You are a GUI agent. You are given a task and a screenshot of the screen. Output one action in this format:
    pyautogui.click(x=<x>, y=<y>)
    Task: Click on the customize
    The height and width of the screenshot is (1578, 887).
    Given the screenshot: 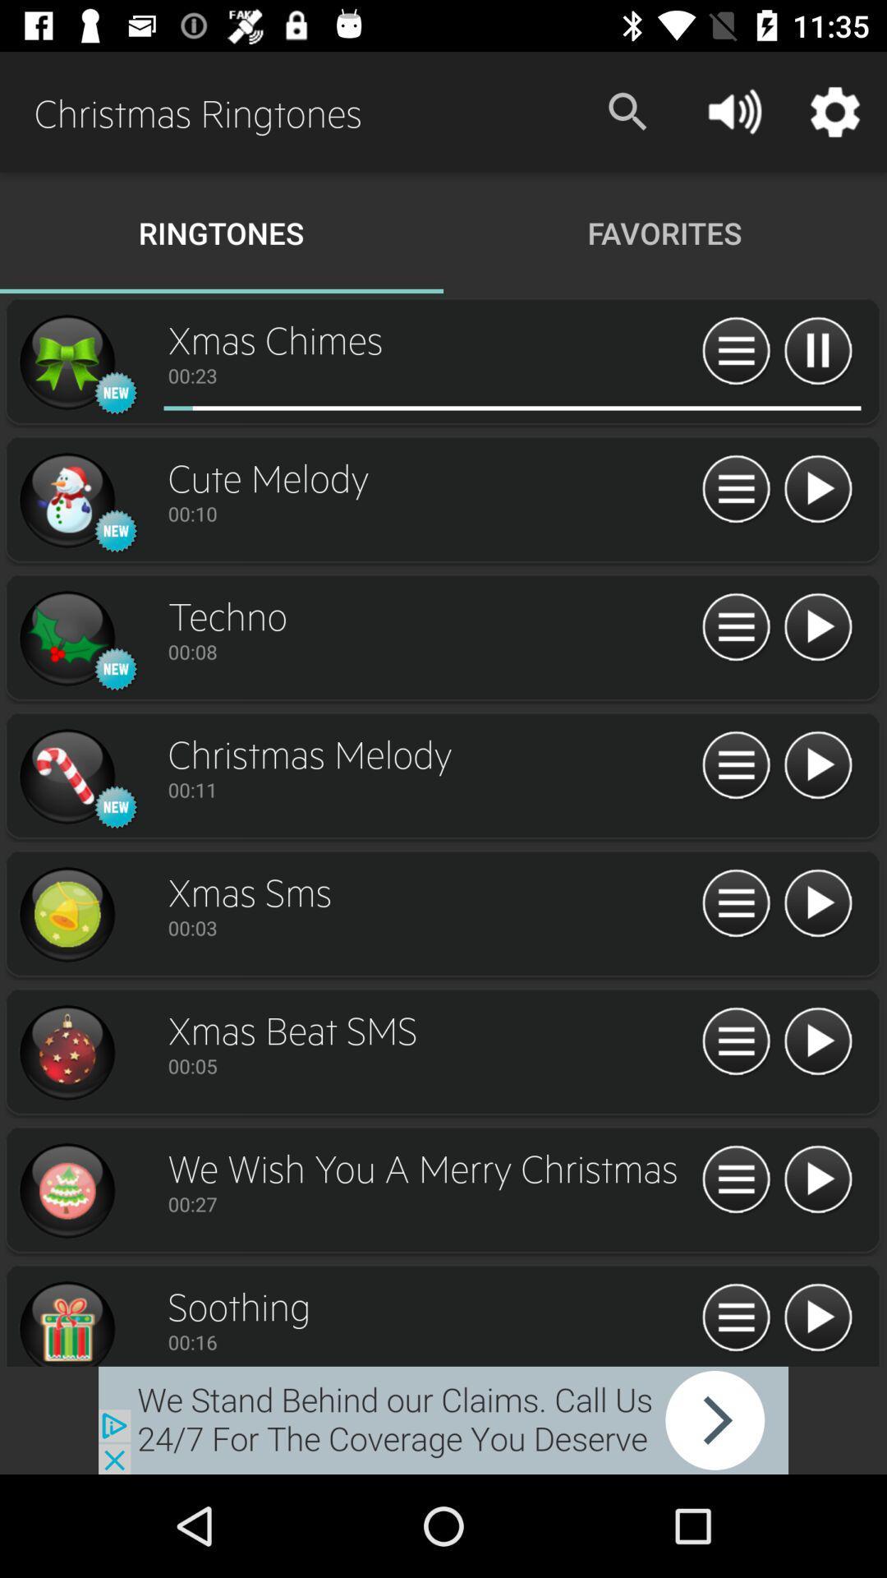 What is the action you would take?
    pyautogui.click(x=735, y=489)
    